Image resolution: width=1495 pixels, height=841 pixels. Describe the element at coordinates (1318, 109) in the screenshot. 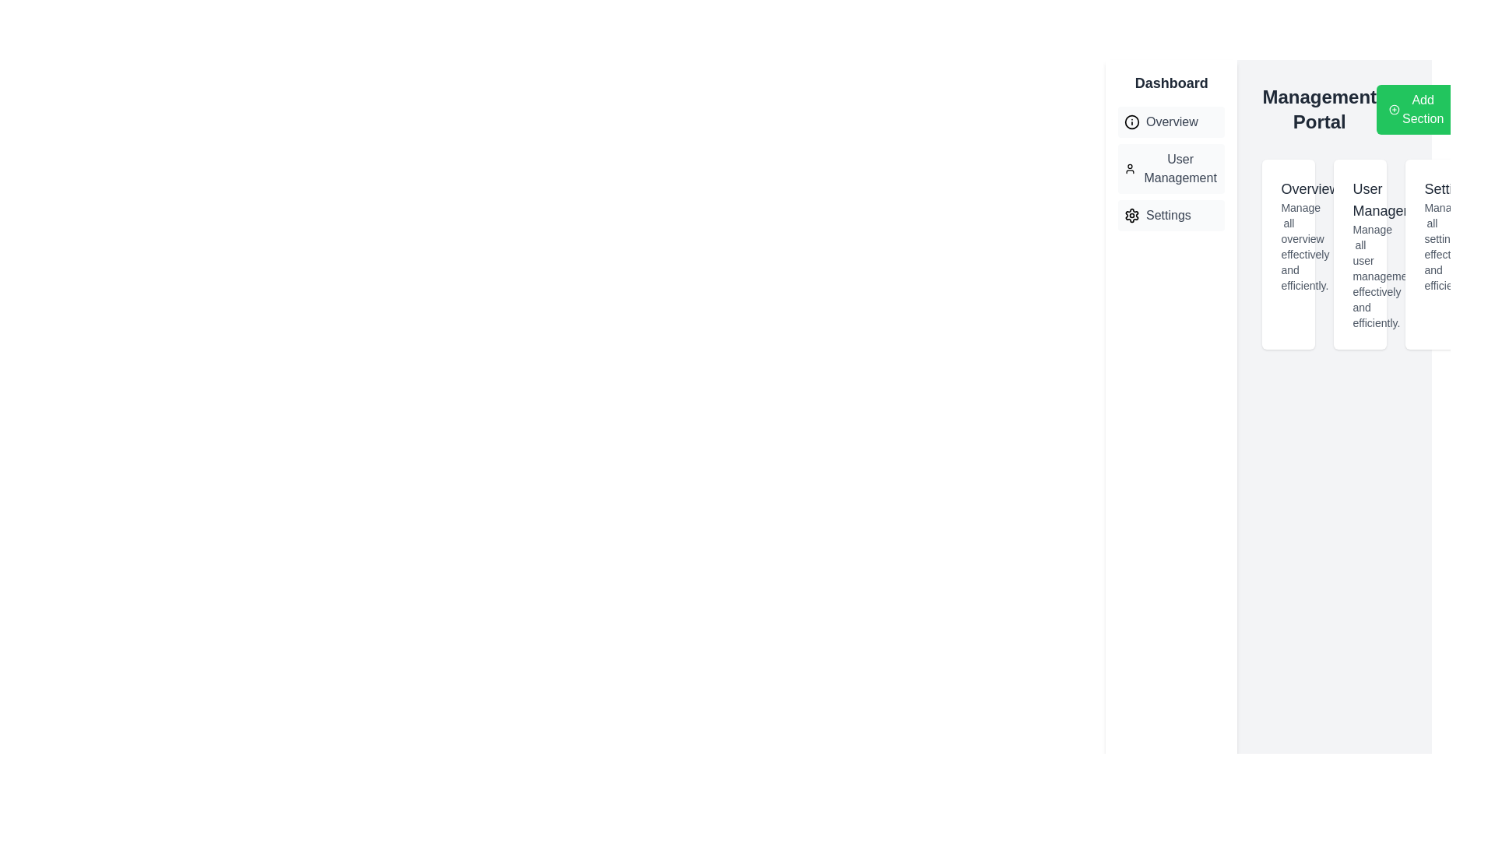

I see `the text label displaying 'Management Portal' located in the top header section of the page, which is aligned to the left of the 'Add Section' button` at that location.